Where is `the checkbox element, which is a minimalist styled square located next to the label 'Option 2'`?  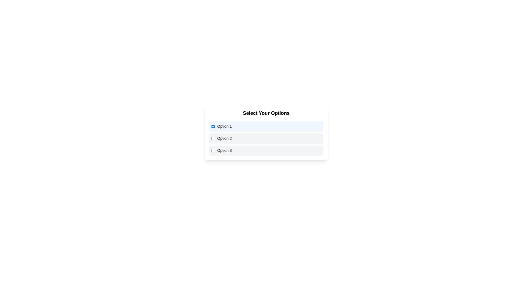 the checkbox element, which is a minimalist styled square located next to the label 'Option 2' is located at coordinates (213, 138).